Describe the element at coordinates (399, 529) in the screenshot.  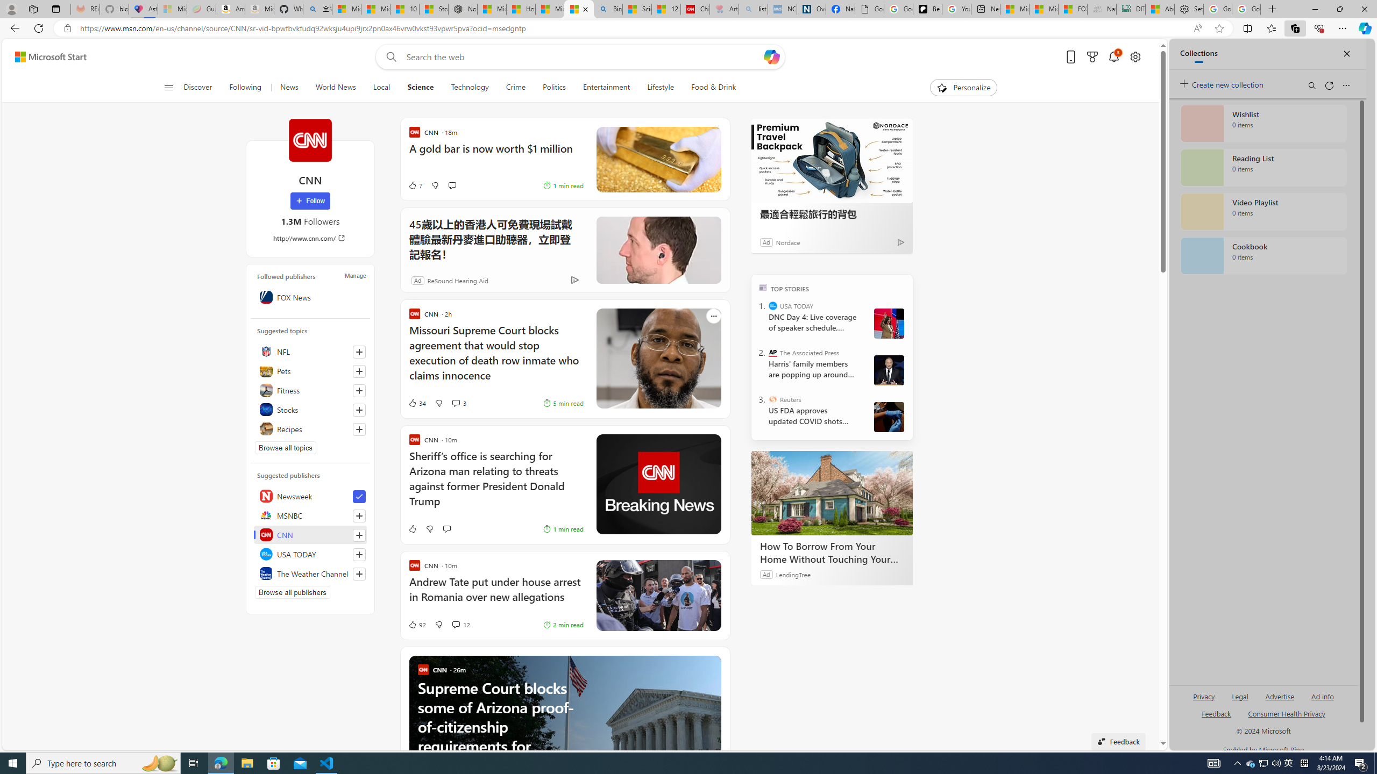
I see `'Like'` at that location.